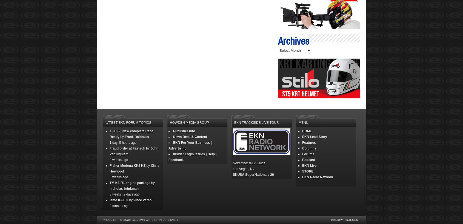 This screenshot has height=224, width=463. What do you see at coordinates (142, 200) in the screenshot?
I see `'vince varco'` at bounding box center [142, 200].